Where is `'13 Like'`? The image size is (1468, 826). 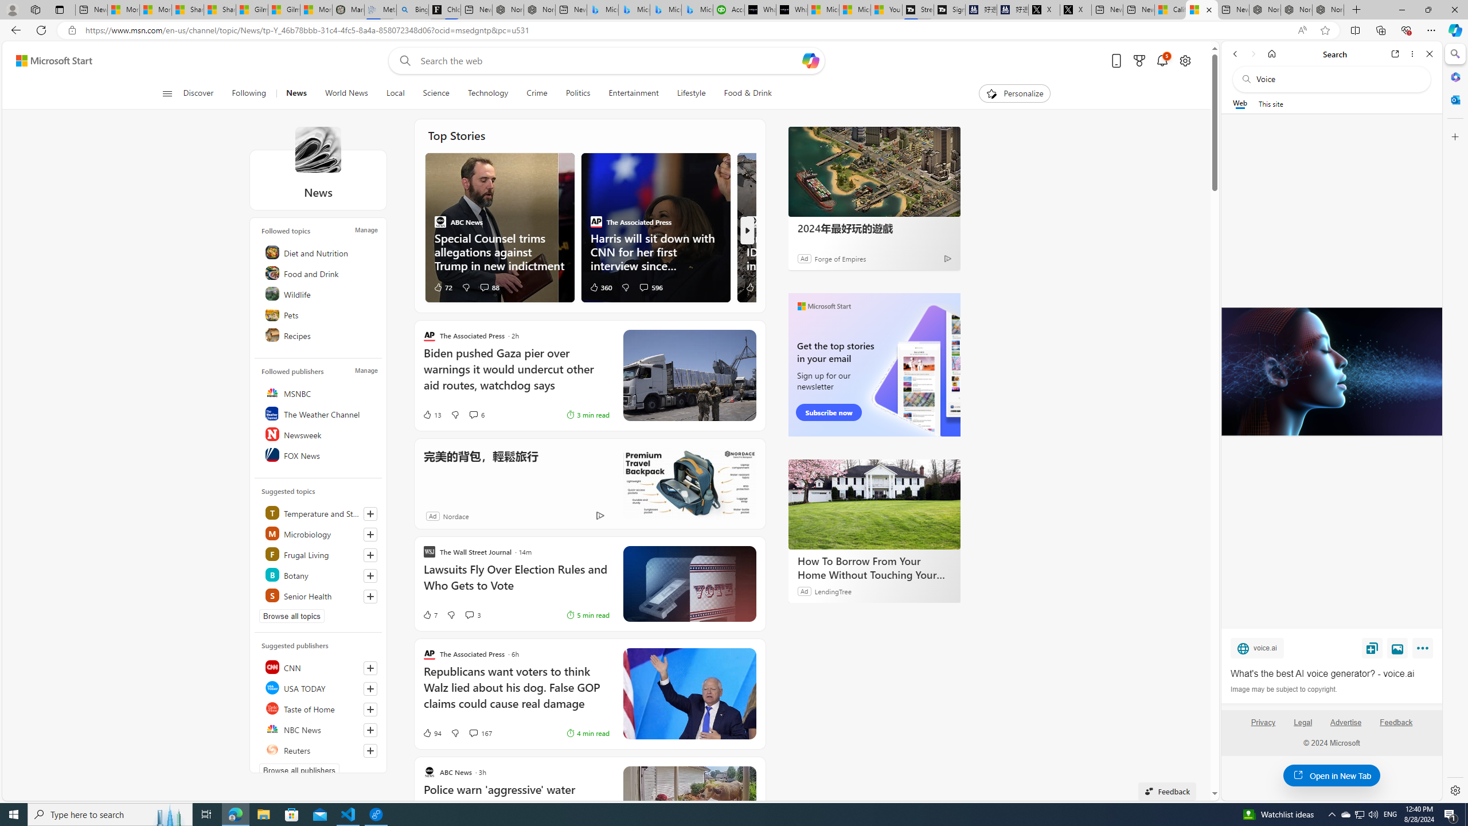 '13 Like' is located at coordinates (431, 414).